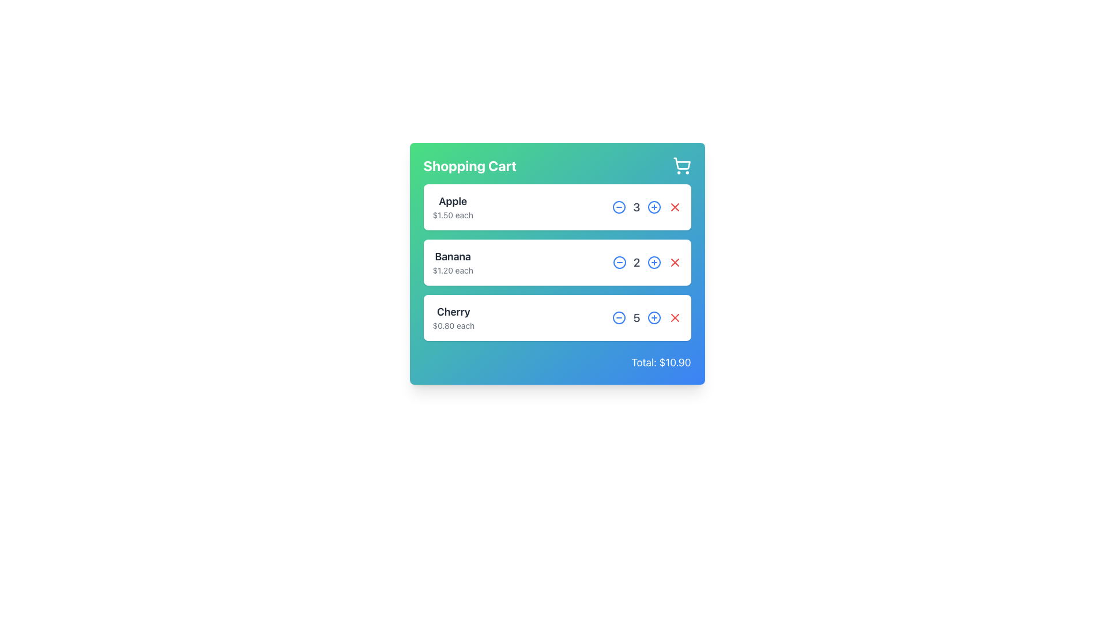  Describe the element at coordinates (654, 262) in the screenshot. I see `the circular plus icon button located in the middle of the shopping cart item row` at that location.